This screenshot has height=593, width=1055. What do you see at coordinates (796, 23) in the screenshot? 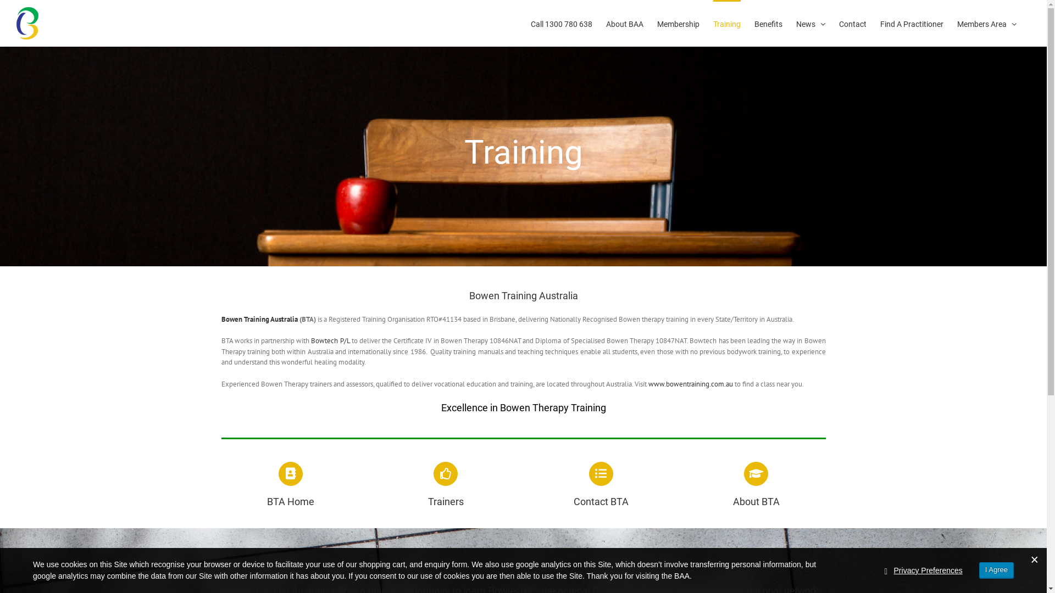
I see `'News'` at bounding box center [796, 23].